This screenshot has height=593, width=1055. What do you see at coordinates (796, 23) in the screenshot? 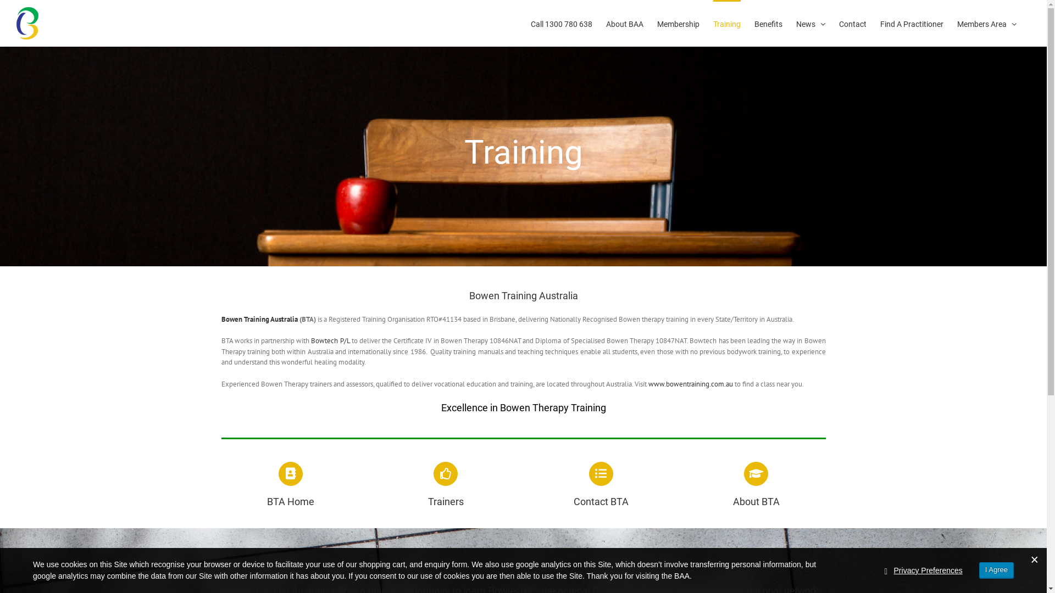
I see `'News'` at bounding box center [796, 23].